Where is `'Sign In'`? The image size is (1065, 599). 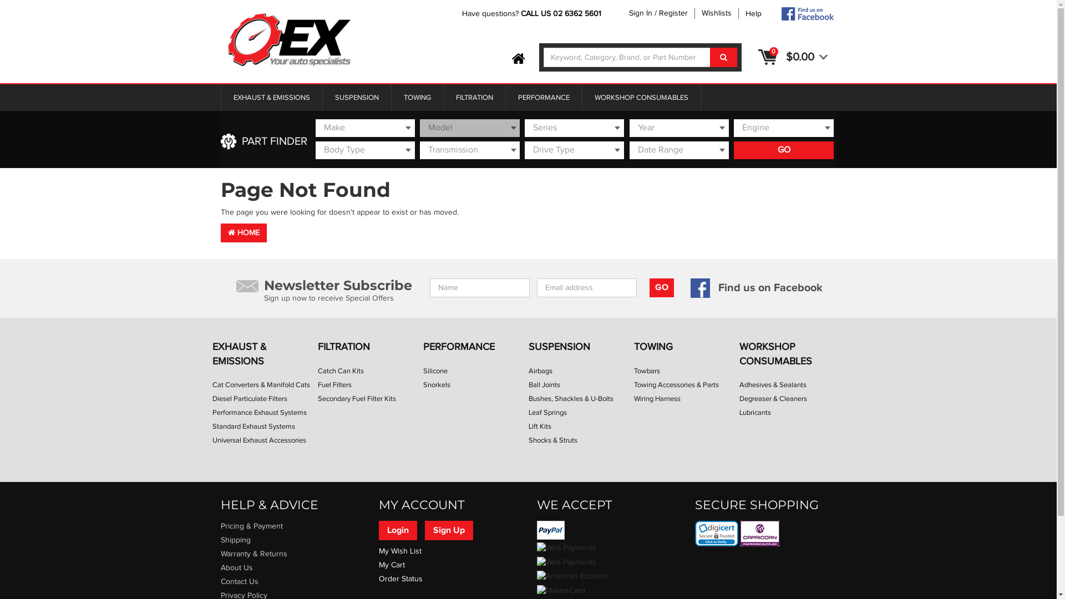
'Sign In' is located at coordinates (628, 13).